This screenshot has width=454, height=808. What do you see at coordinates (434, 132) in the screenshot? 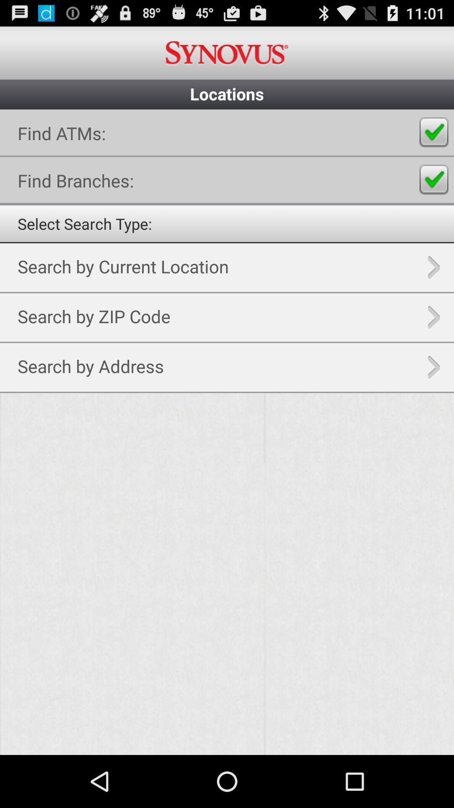
I see `option` at bounding box center [434, 132].